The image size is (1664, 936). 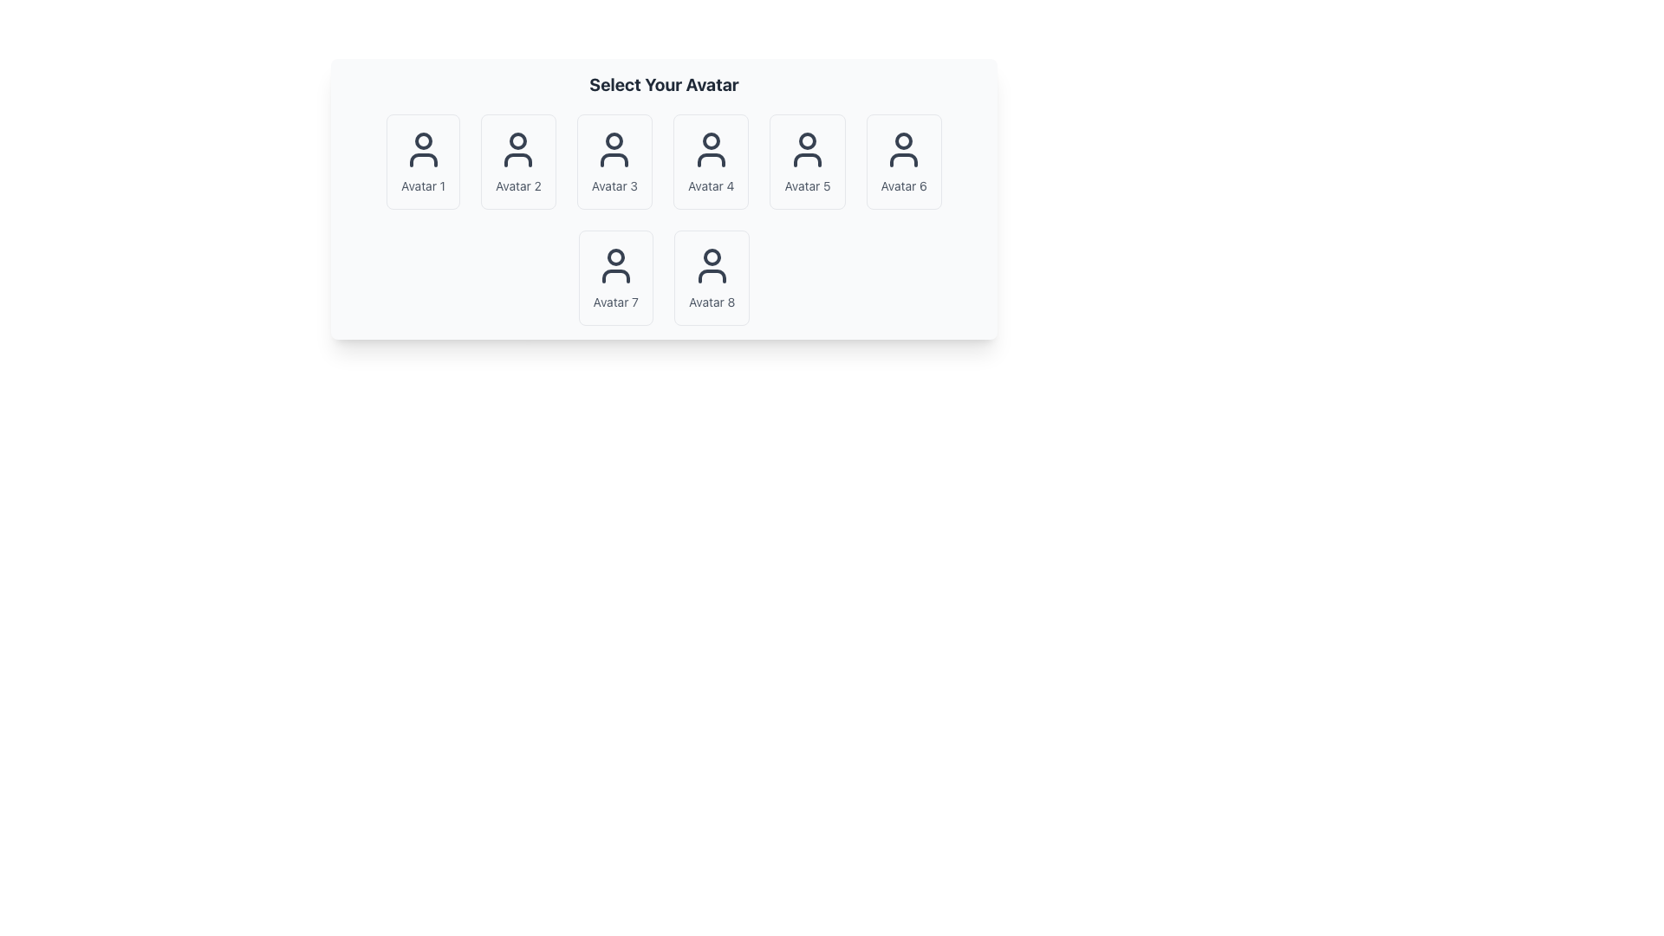 What do you see at coordinates (711, 186) in the screenshot?
I see `the label that identifies 'Avatar 4', located in the top row, fourth from the left in the avatar selection grid` at bounding box center [711, 186].